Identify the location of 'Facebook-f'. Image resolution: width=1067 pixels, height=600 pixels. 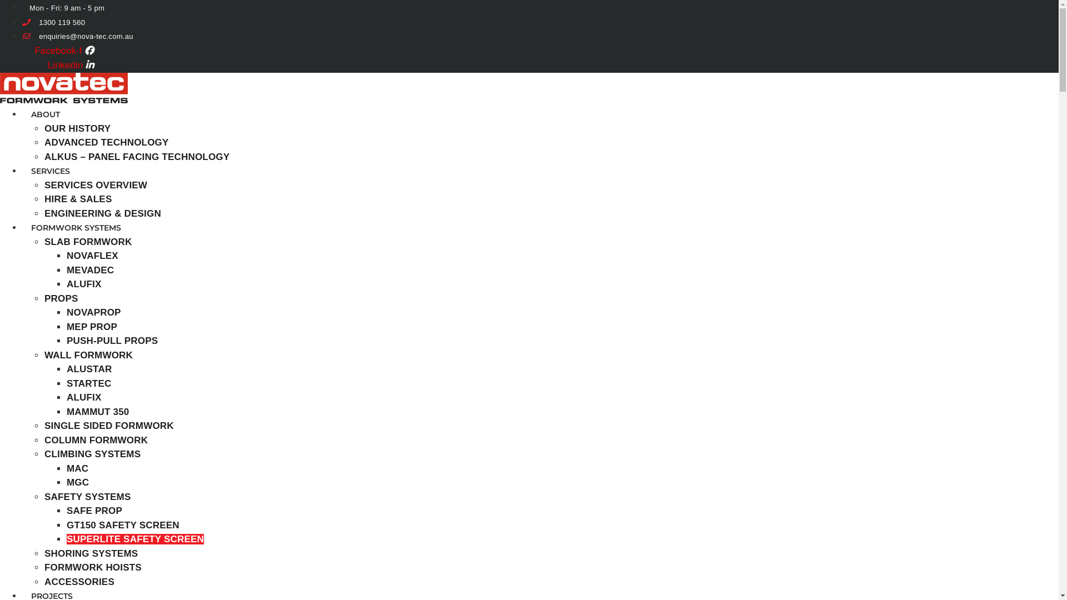
(63, 51).